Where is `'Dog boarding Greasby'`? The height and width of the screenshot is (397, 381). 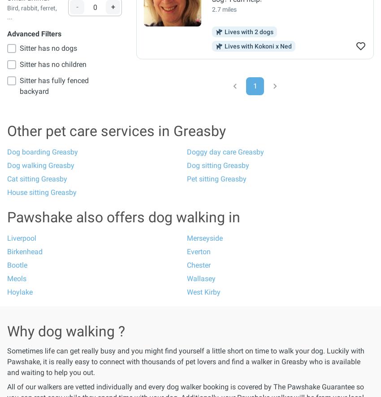
'Dog boarding Greasby' is located at coordinates (42, 151).